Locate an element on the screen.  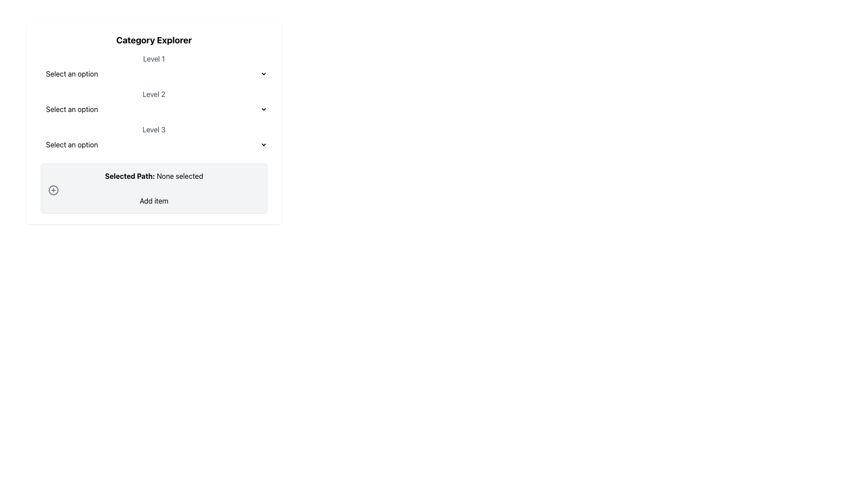
the Level 2 label that provides context for the dropdown menu below it is located at coordinates (154, 94).